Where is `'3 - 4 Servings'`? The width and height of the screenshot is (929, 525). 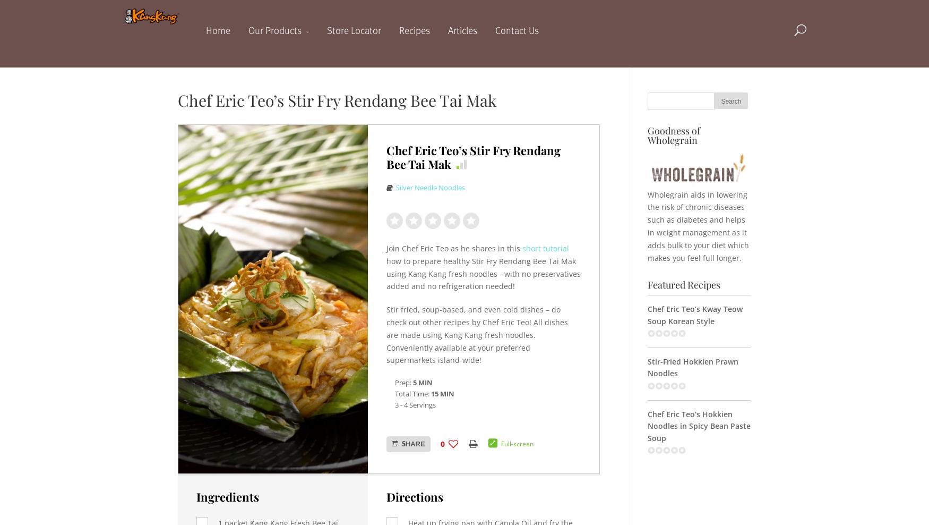 '3 - 4 Servings' is located at coordinates (414, 403).